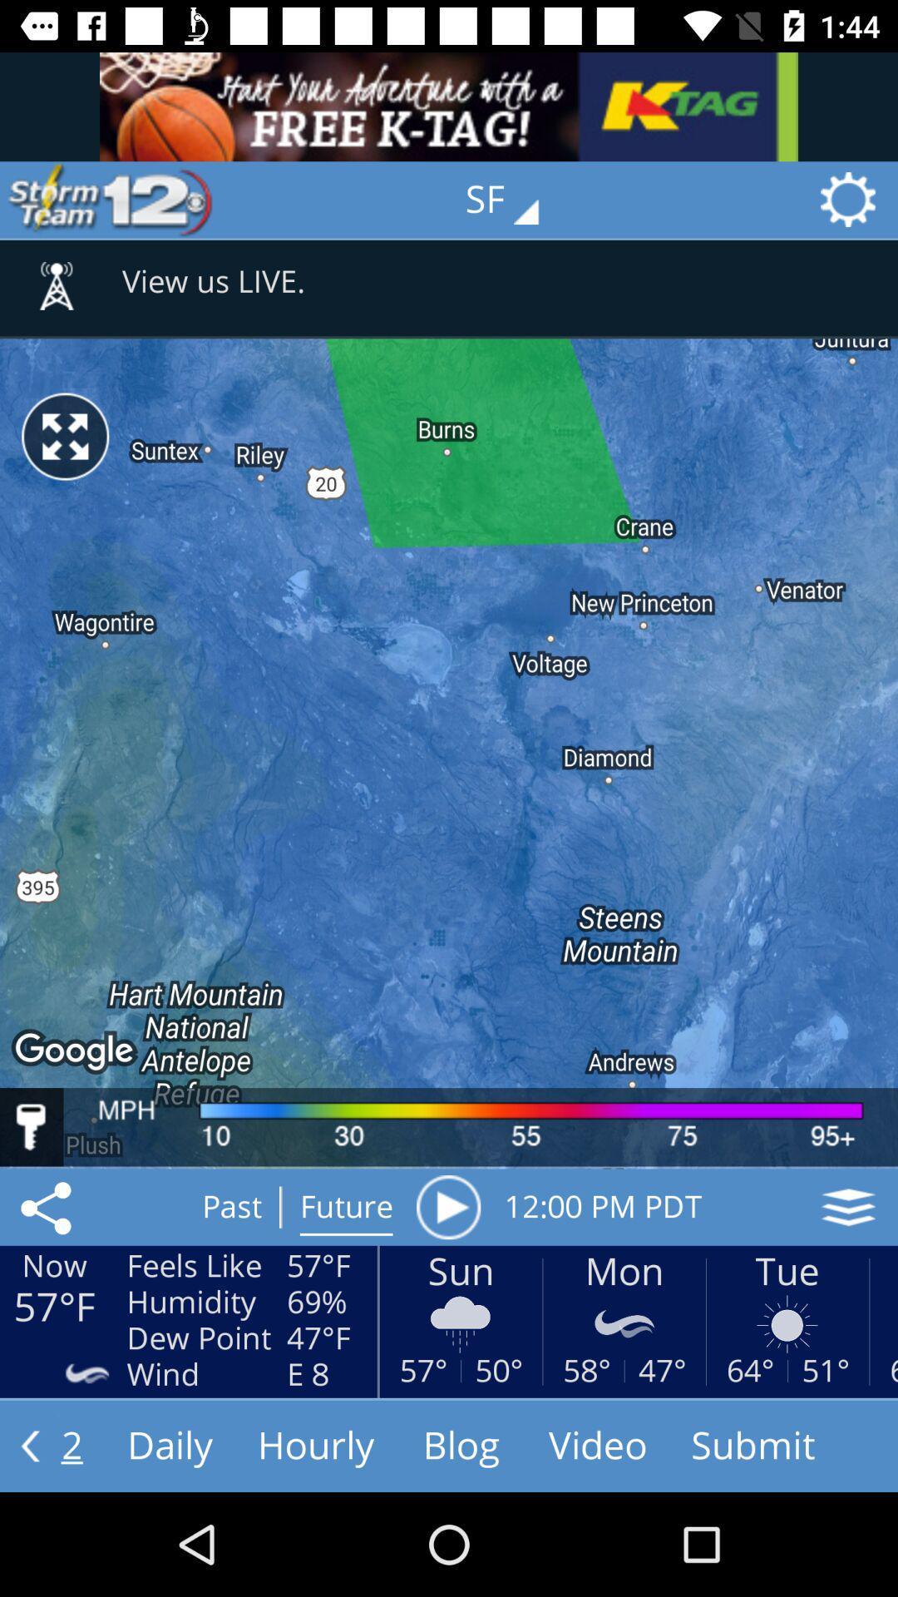  I want to click on item to the right of the future icon, so click(447, 1207).